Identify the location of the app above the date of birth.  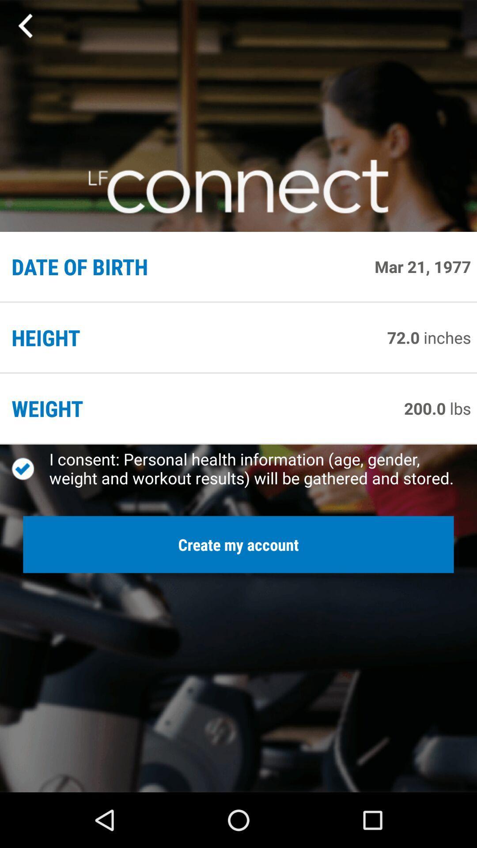
(26, 26).